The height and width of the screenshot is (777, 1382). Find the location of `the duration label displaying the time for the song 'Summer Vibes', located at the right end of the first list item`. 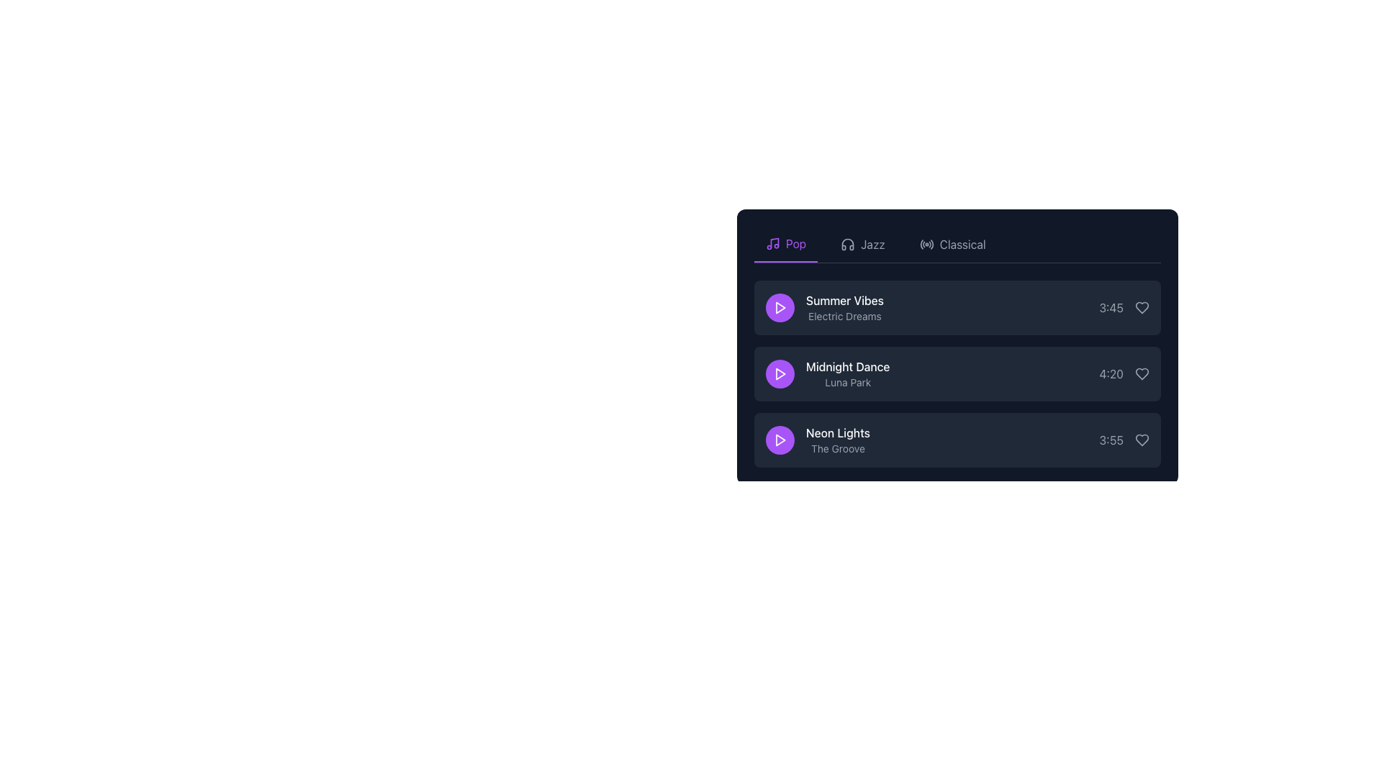

the duration label displaying the time for the song 'Summer Vibes', located at the right end of the first list item is located at coordinates (1111, 307).